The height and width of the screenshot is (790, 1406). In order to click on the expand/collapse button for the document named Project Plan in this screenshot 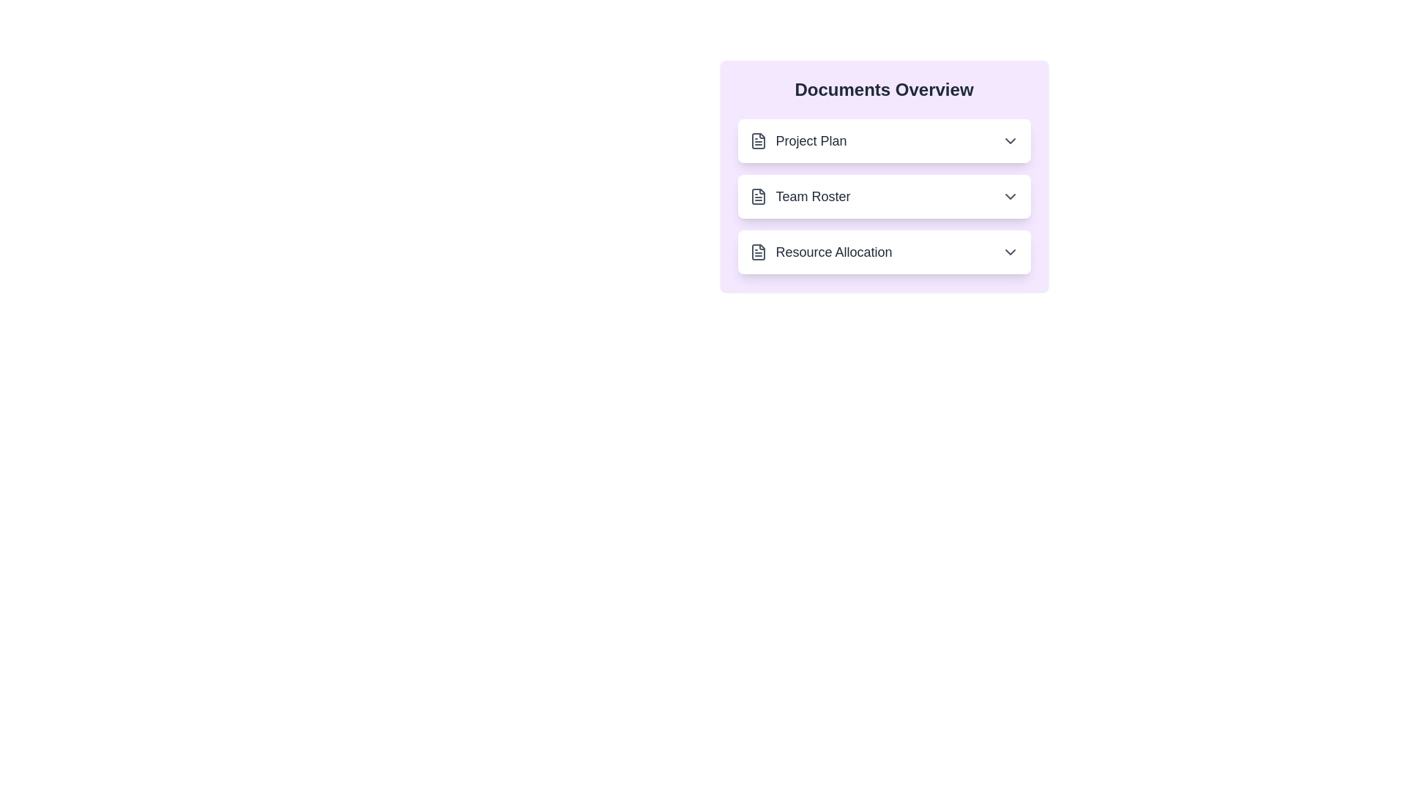, I will do `click(1009, 140)`.